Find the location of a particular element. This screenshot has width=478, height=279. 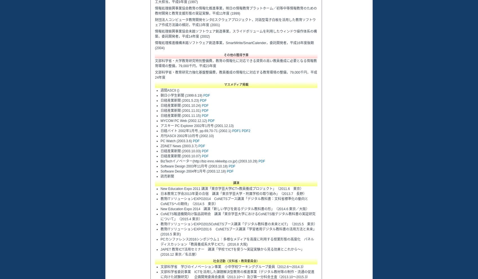

'PCカンファレンス2016シンポジウム１：多様なメディアを高度に利用する授業形態の高度化　パネルディスカッション「教員養成系大学とICT」 (2016.8 大阪)' is located at coordinates (160, 242).